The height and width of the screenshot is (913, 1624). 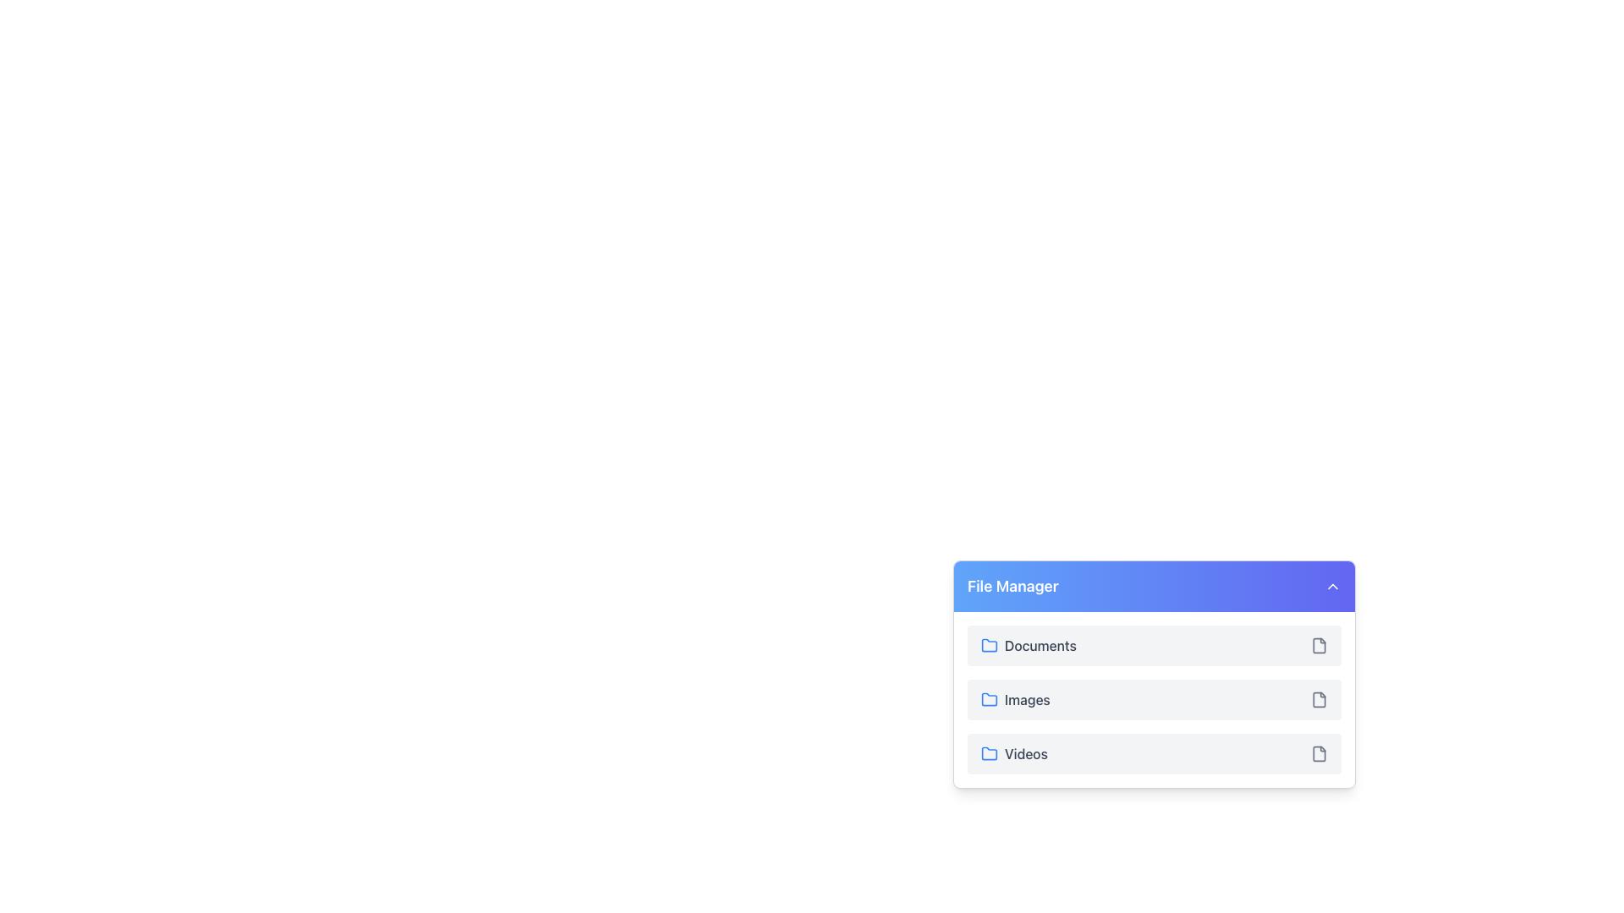 What do you see at coordinates (990, 698) in the screenshot?
I see `the Images folder icon in the File Manager interface` at bounding box center [990, 698].